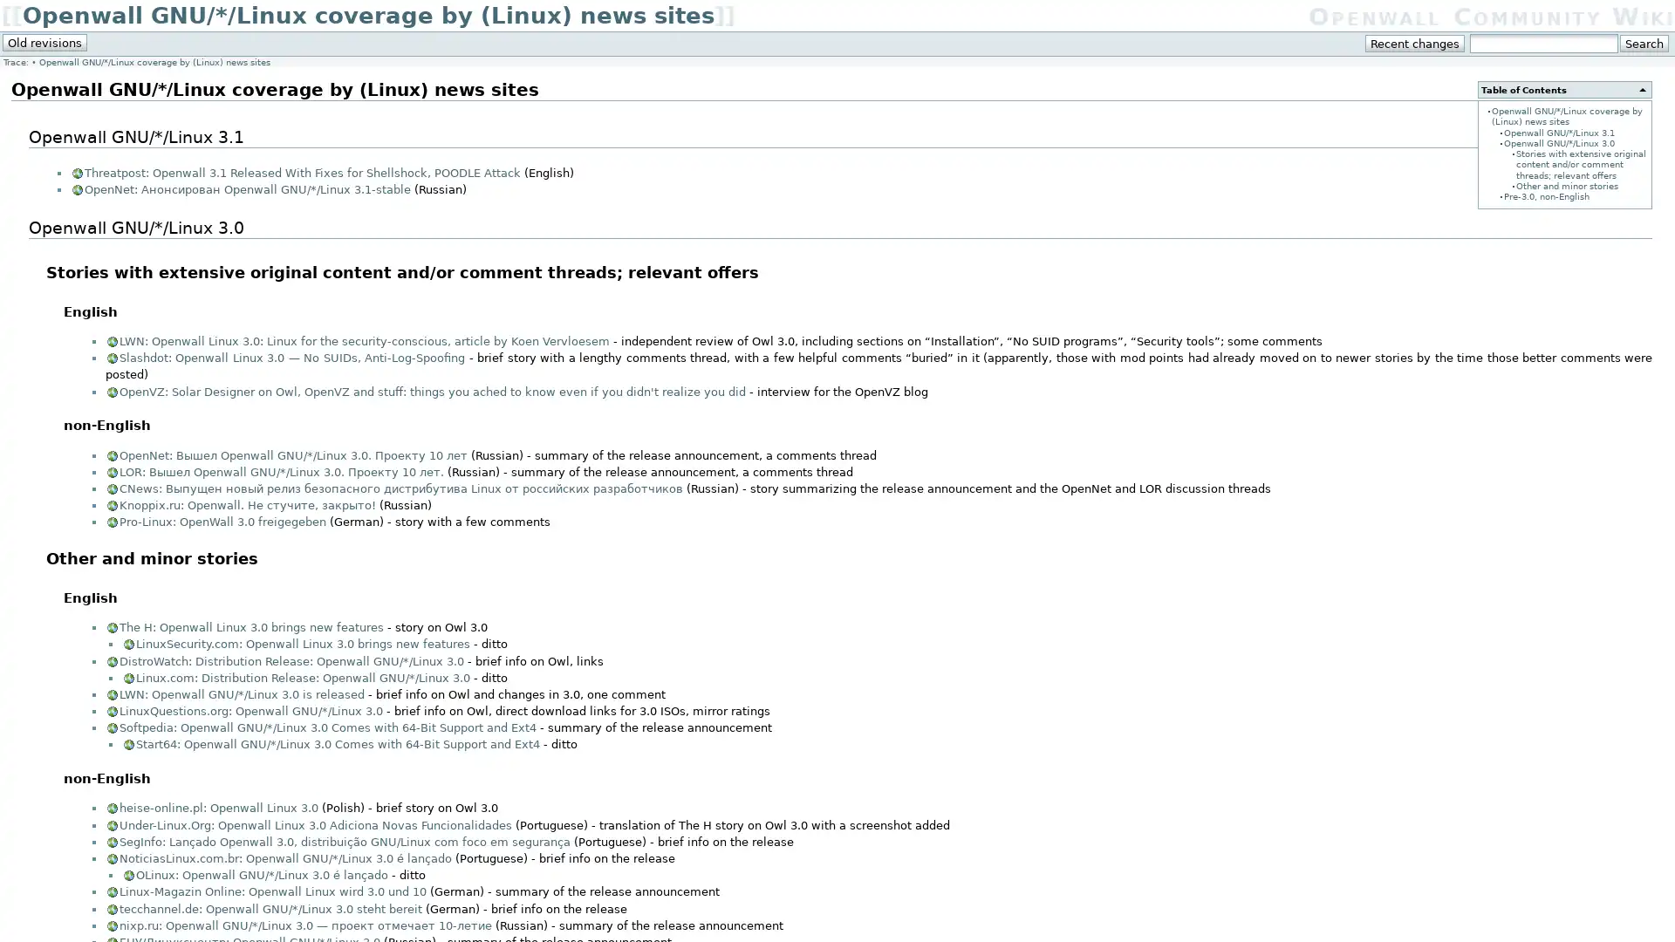  I want to click on Search, so click(1643, 43).